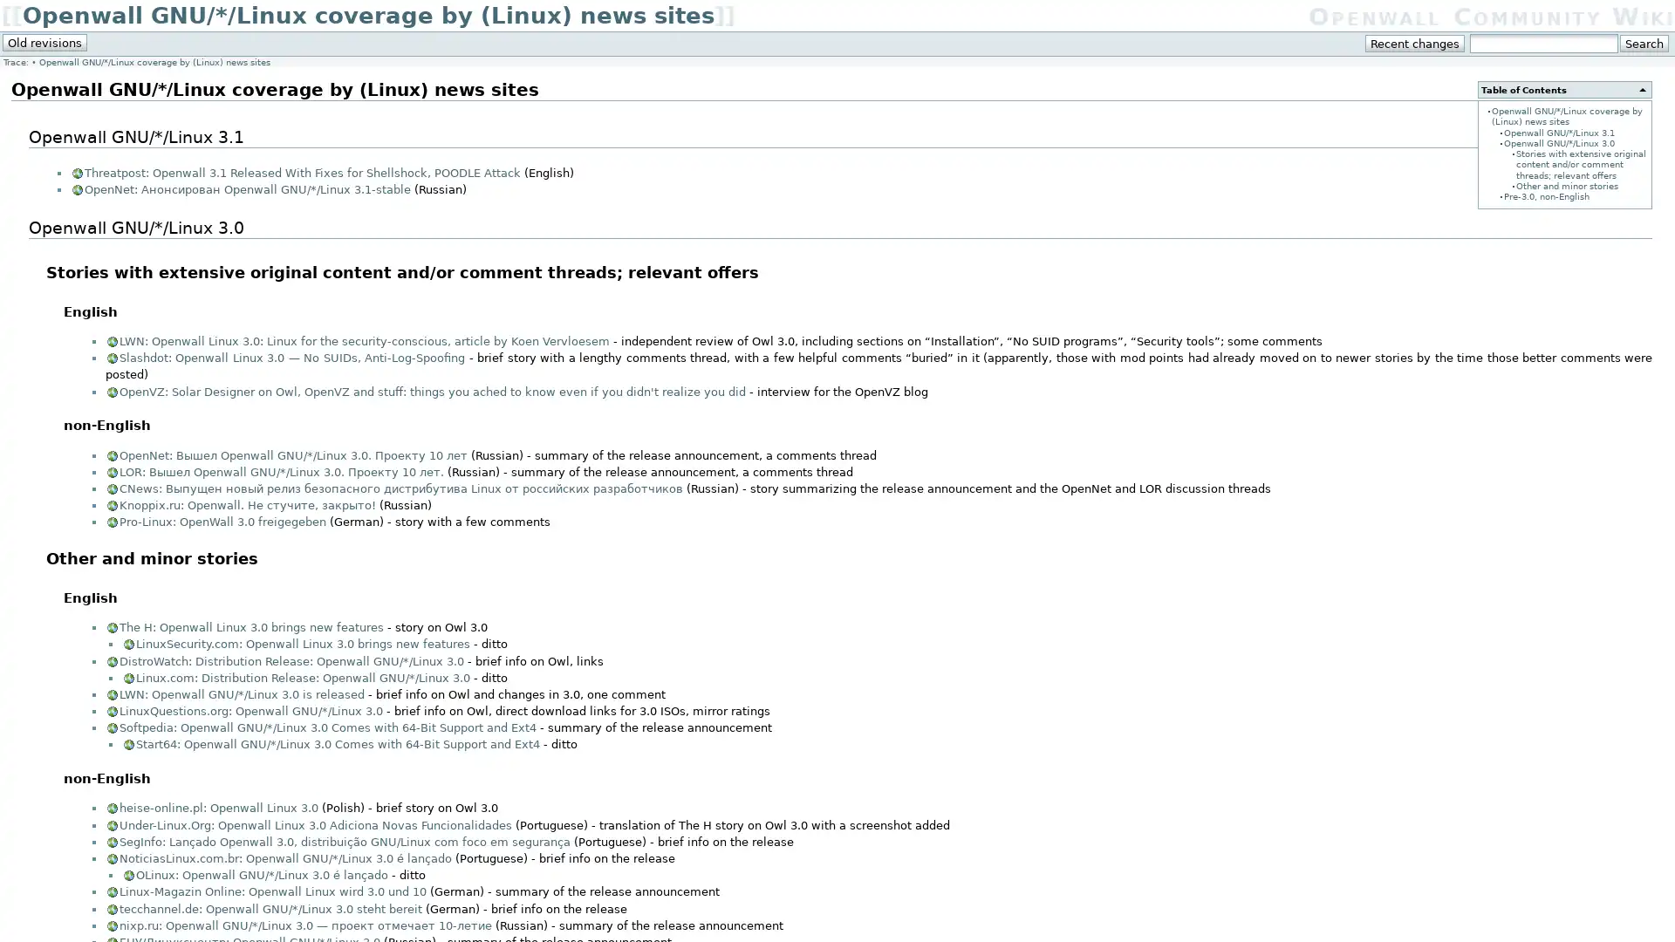  I want to click on Search, so click(1643, 43).